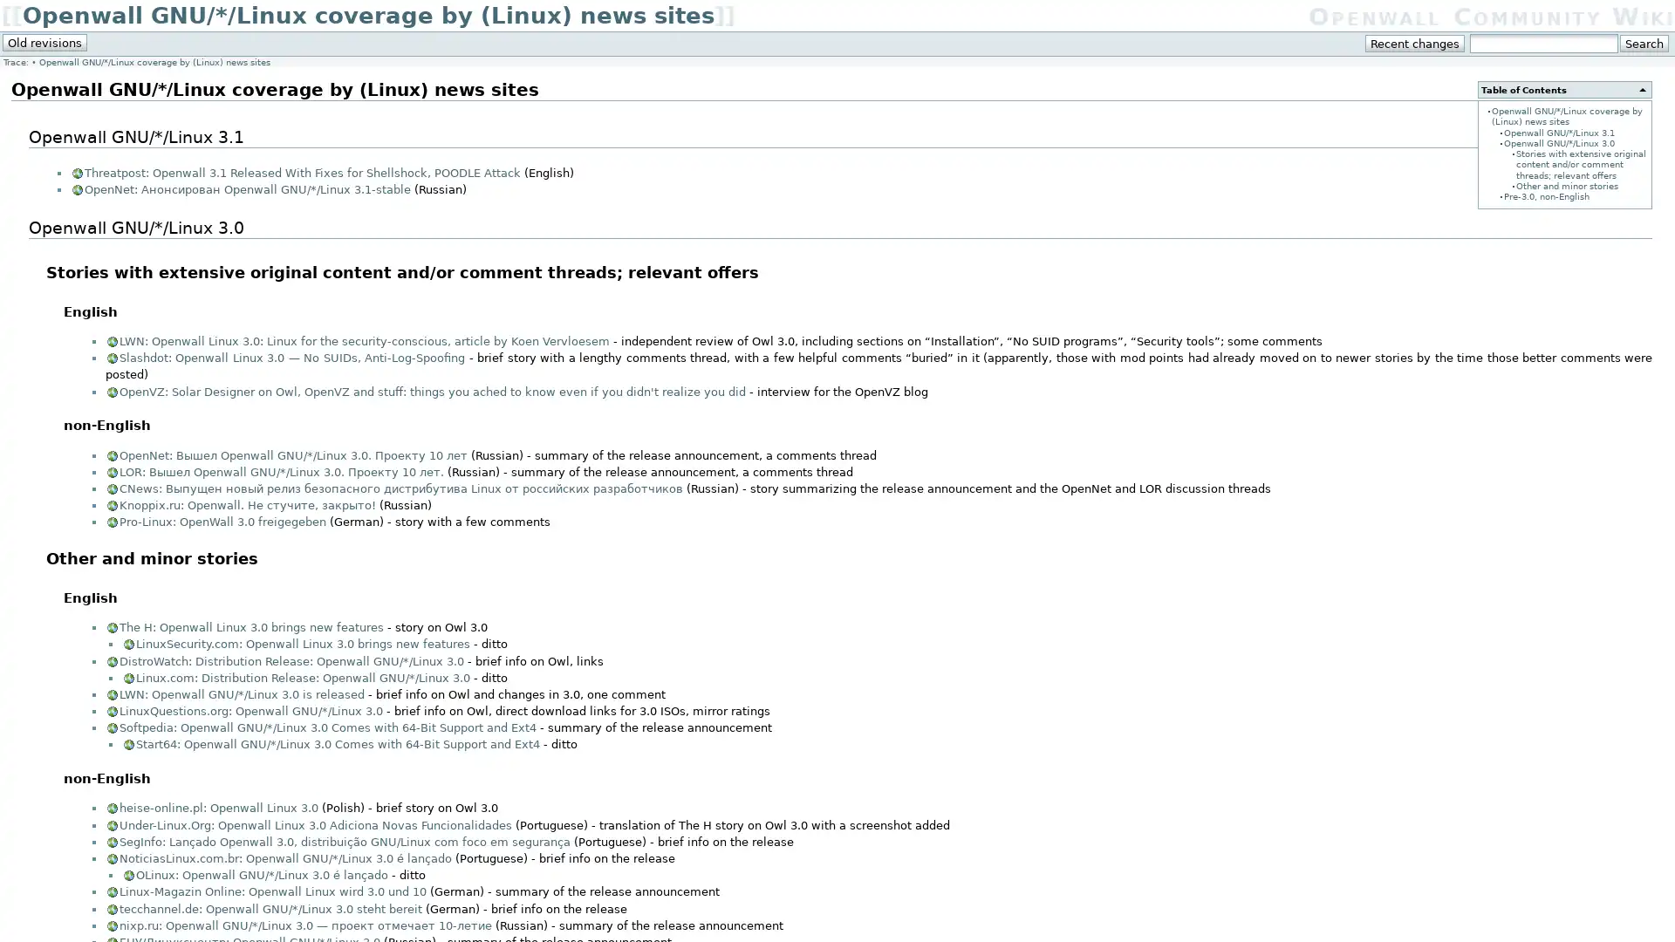  I want to click on Search, so click(1643, 43).